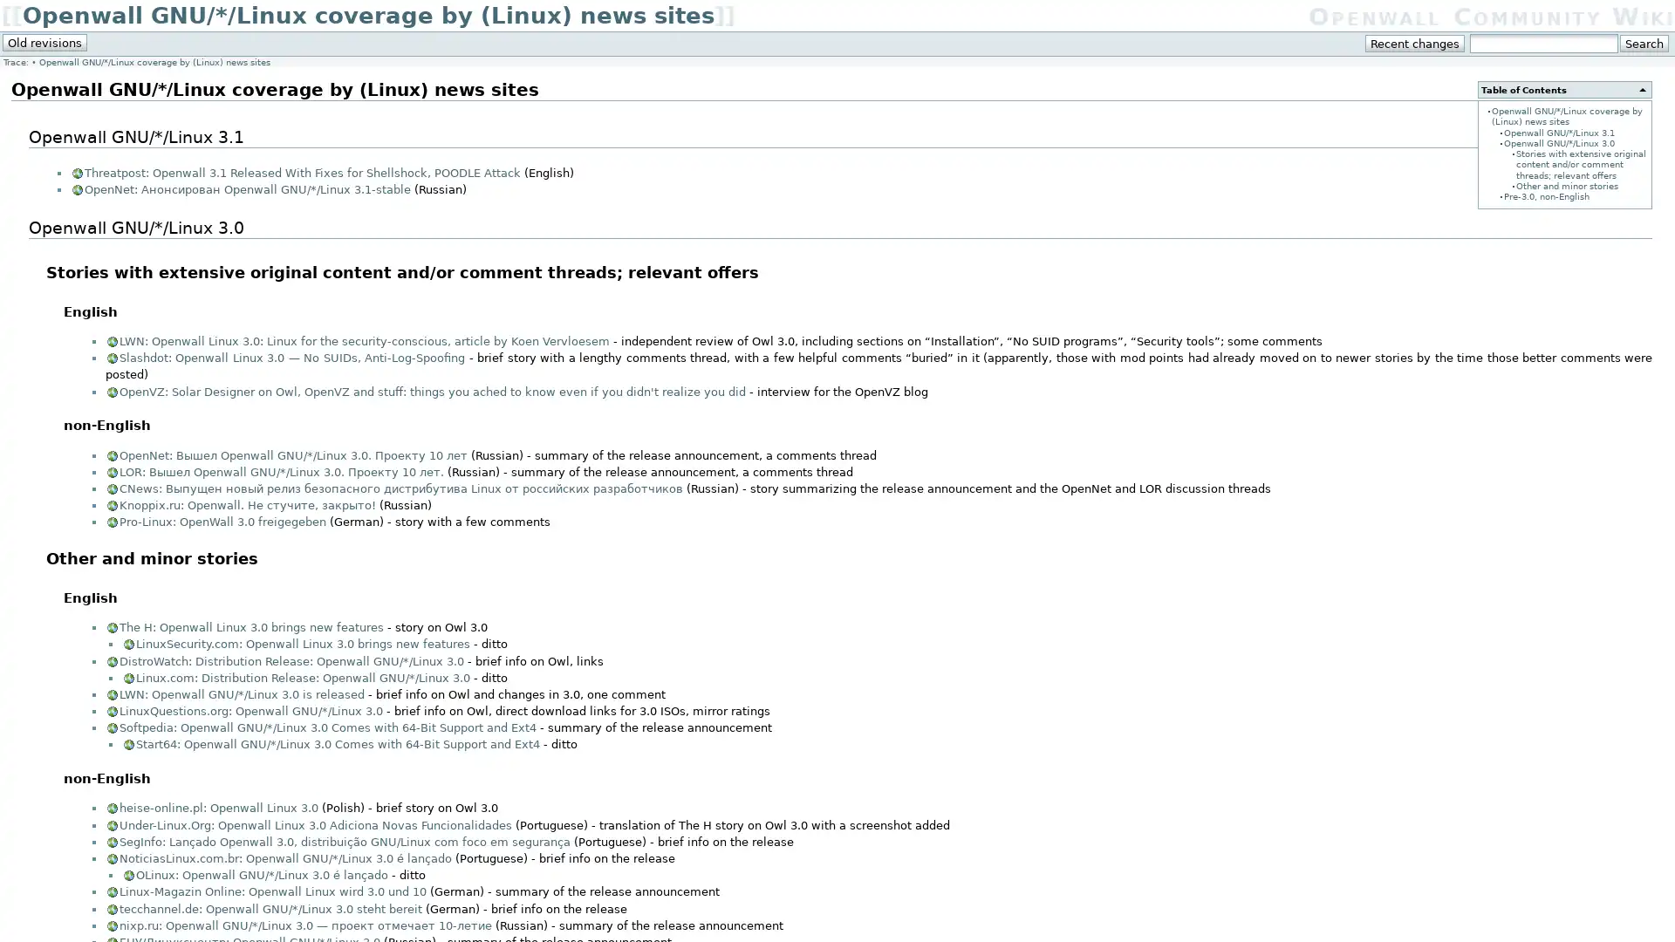  I want to click on Search, so click(1643, 43).